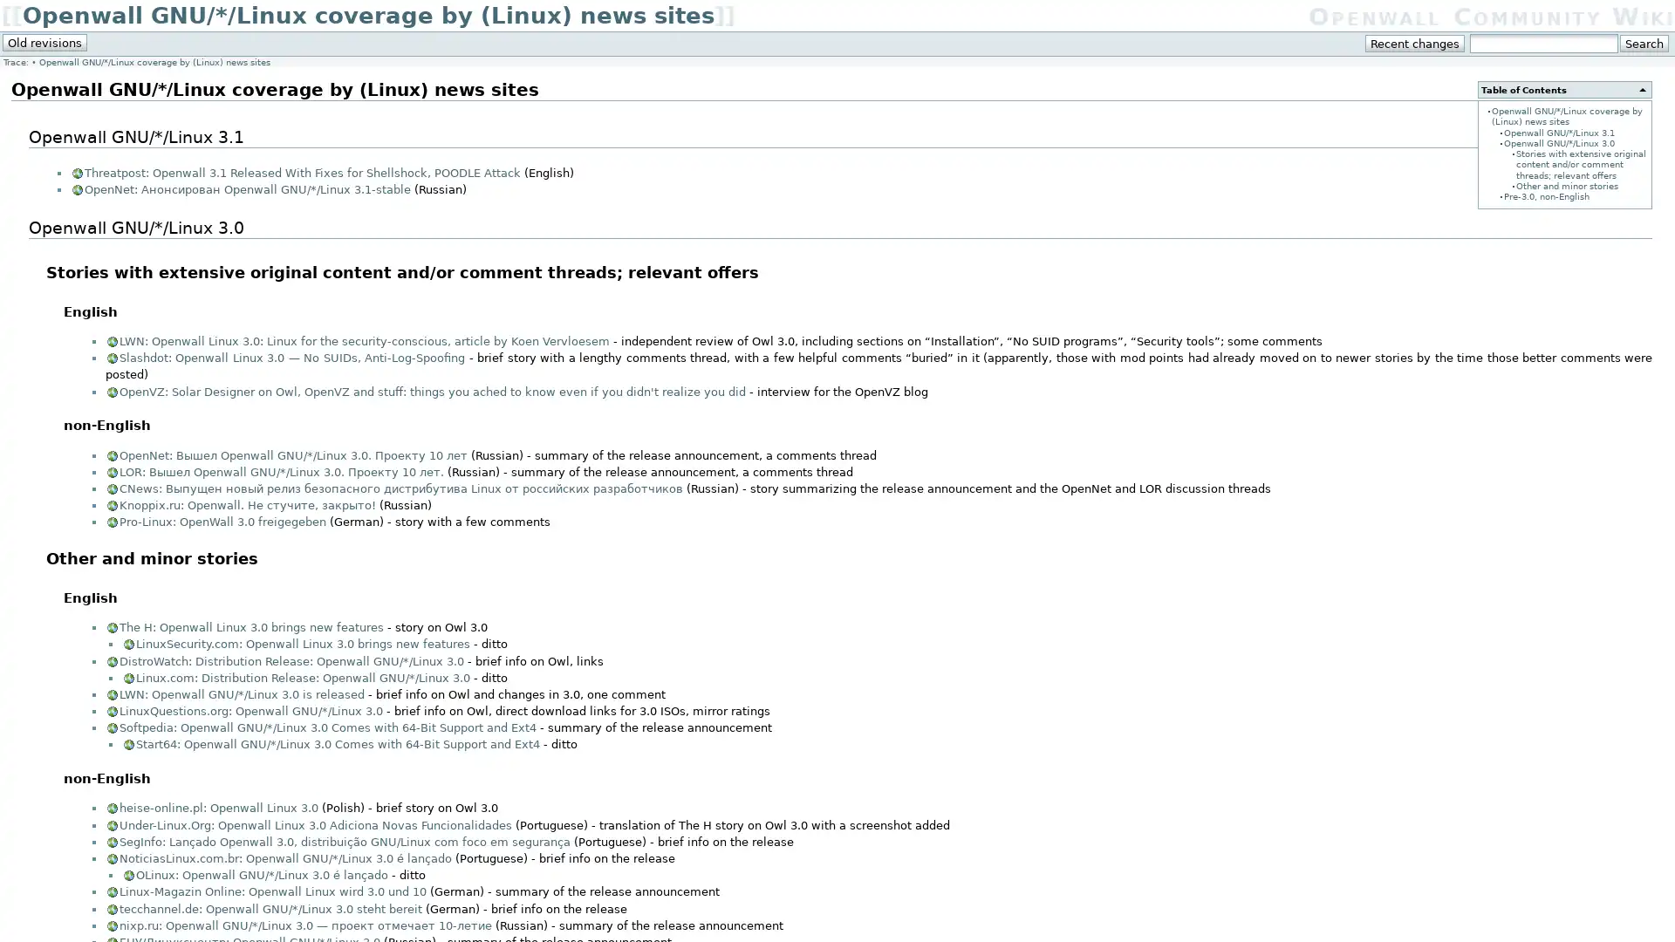  I want to click on Search, so click(1643, 43).